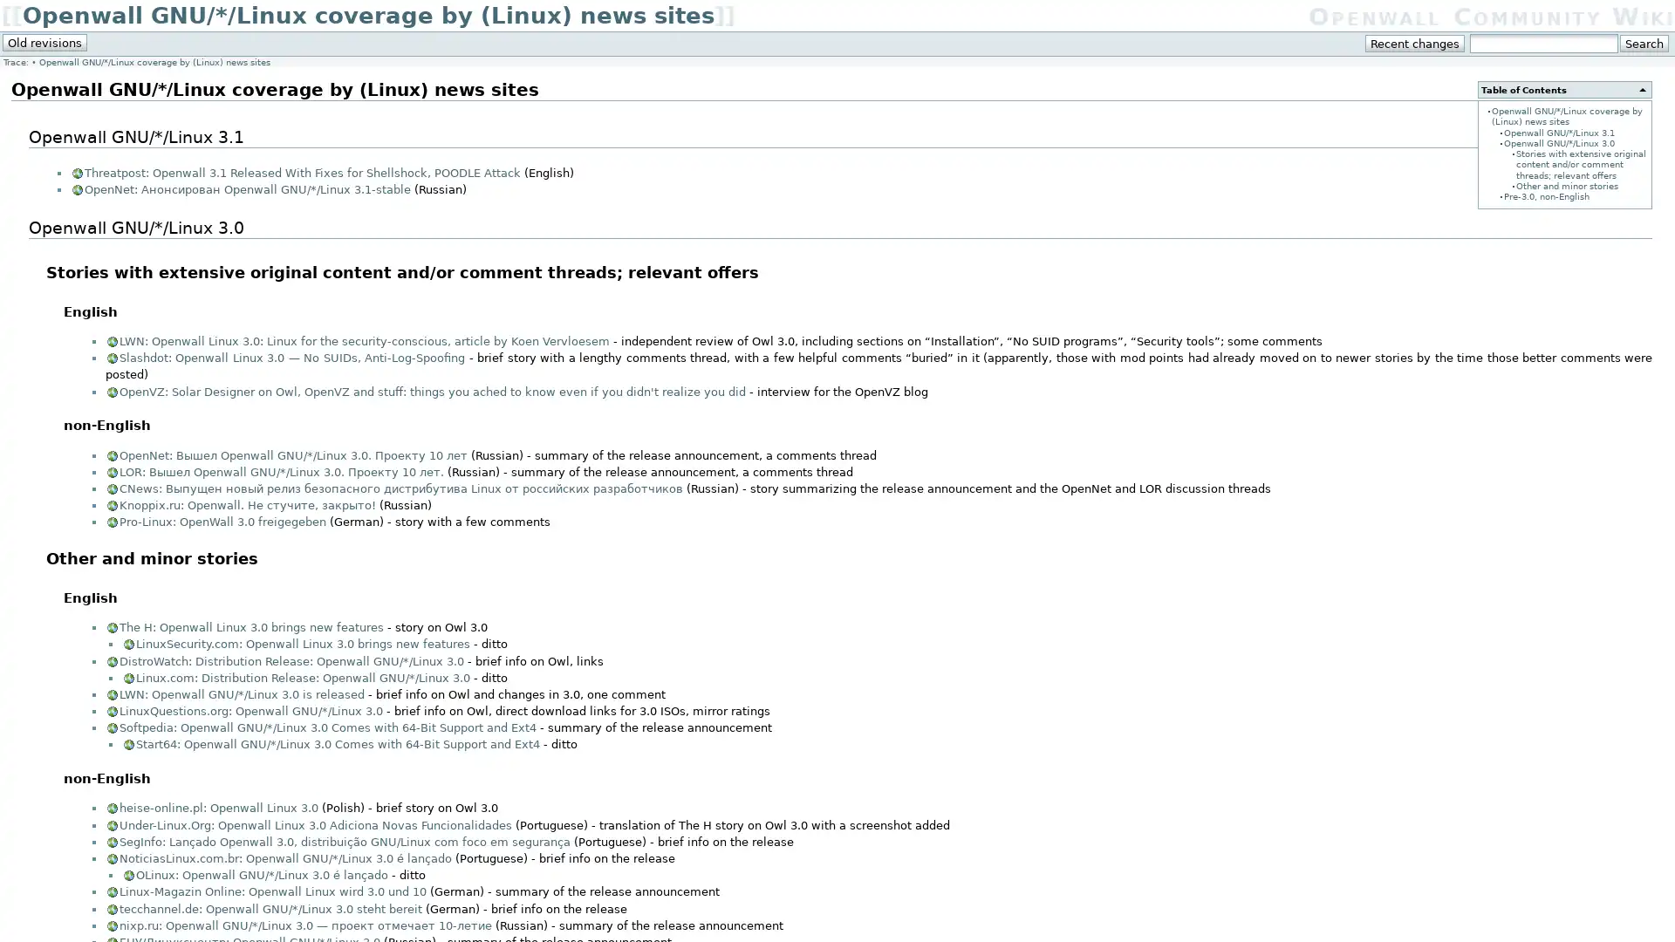  I want to click on Search, so click(1643, 43).